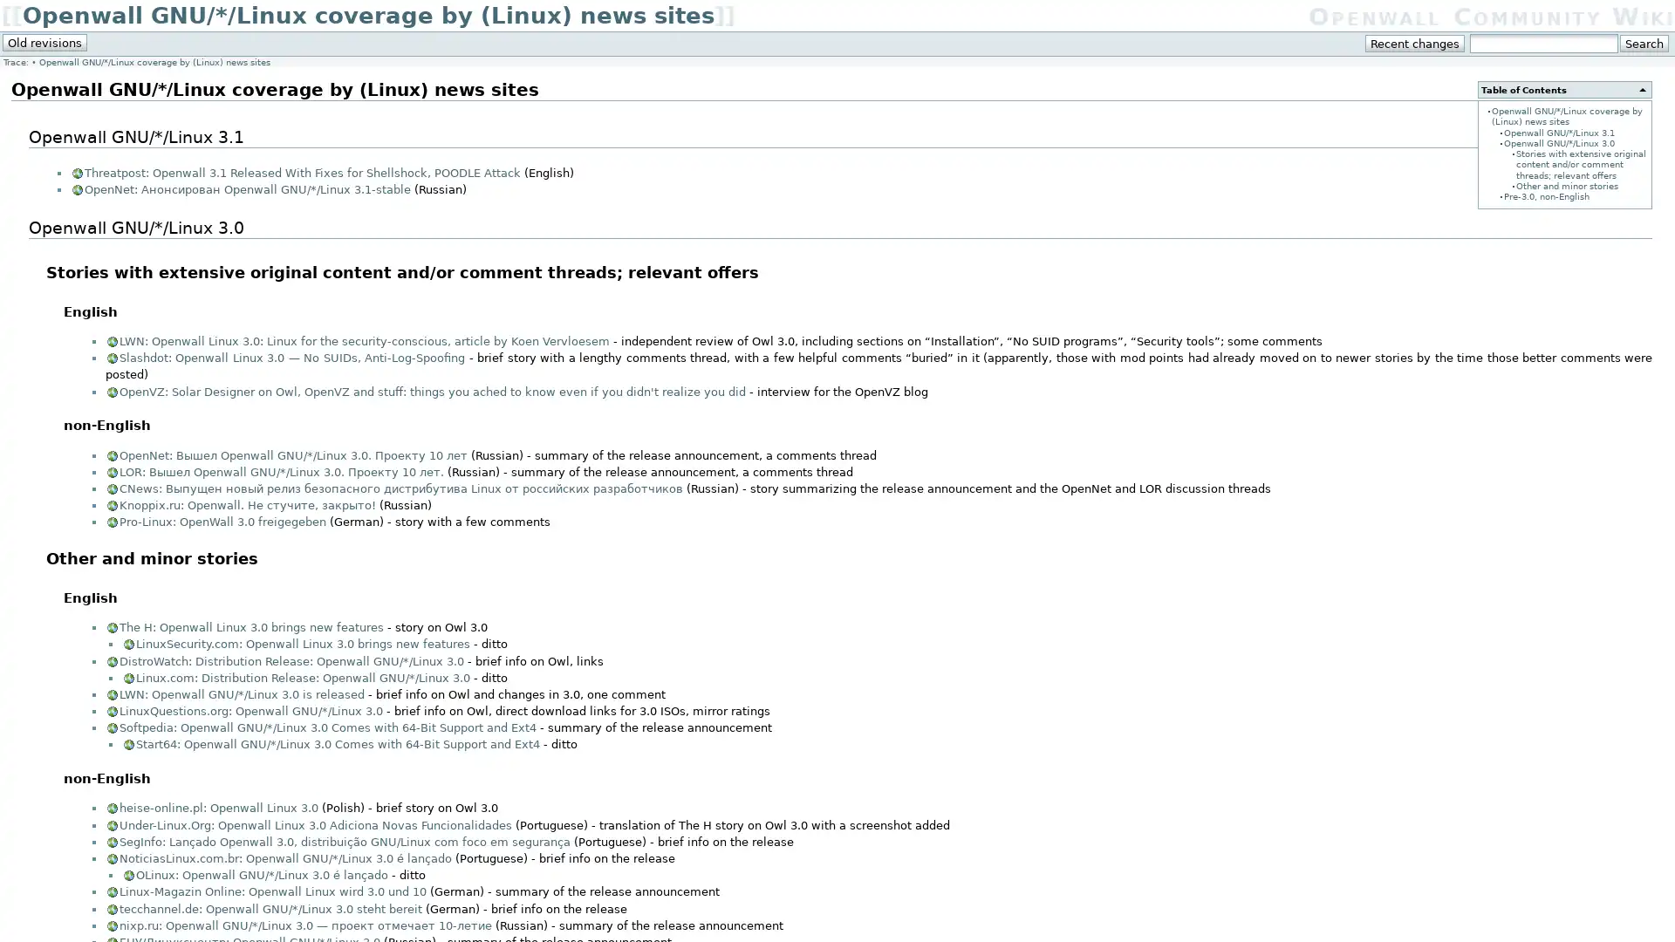  I want to click on Search, so click(1643, 43).